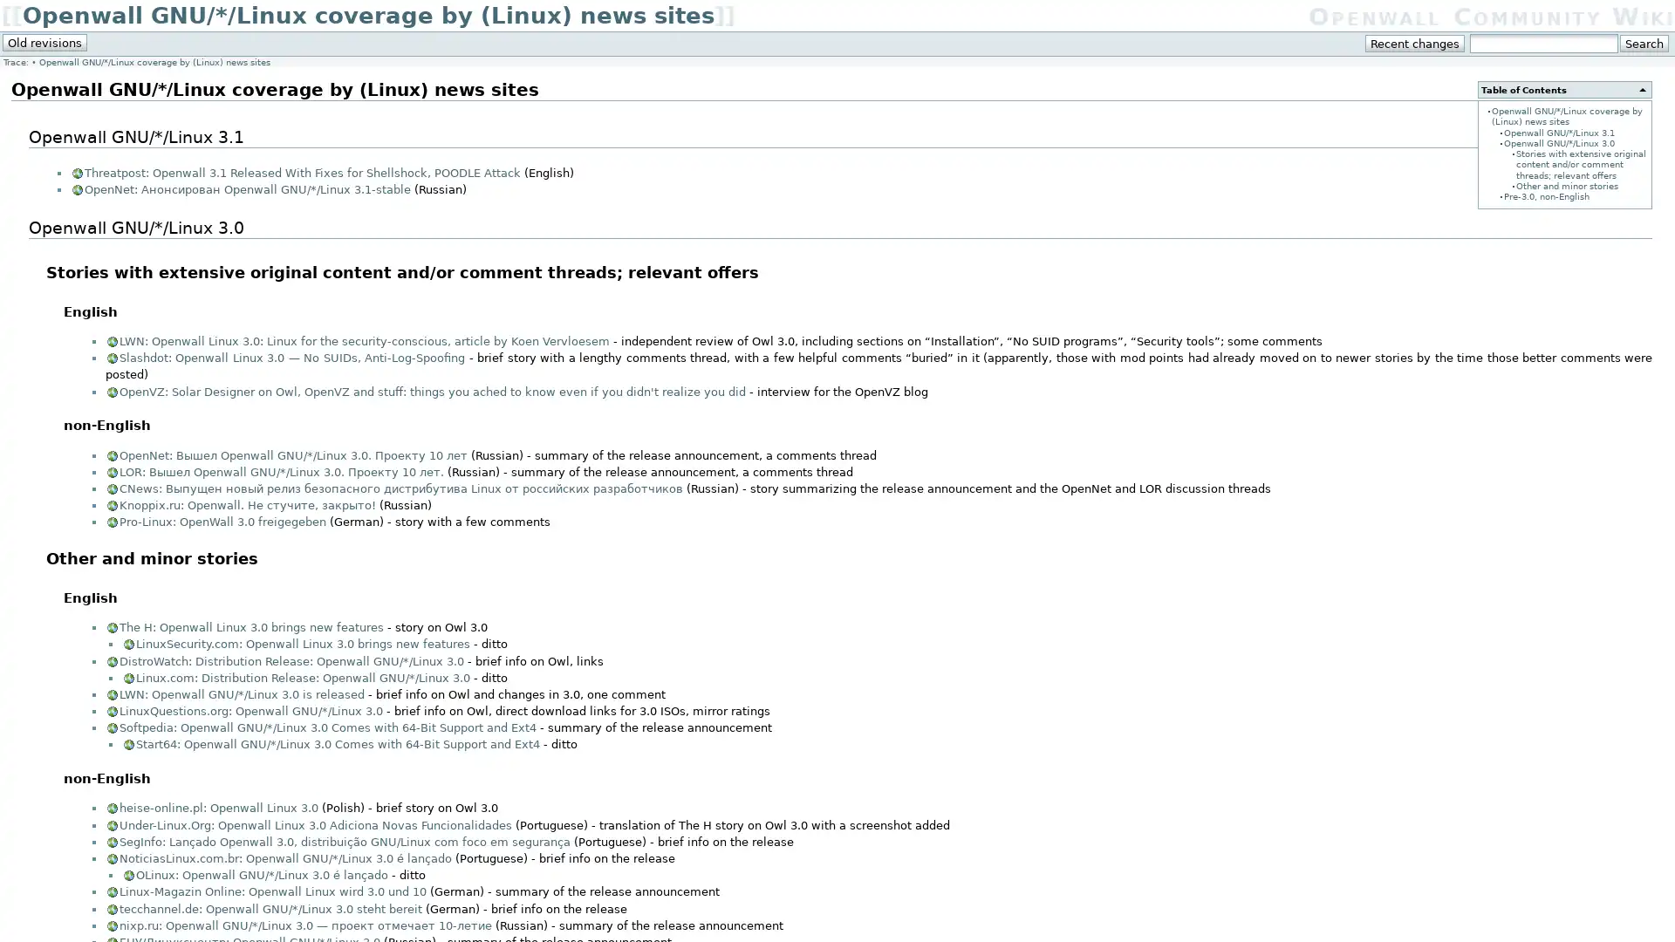  I want to click on Search, so click(1643, 43).